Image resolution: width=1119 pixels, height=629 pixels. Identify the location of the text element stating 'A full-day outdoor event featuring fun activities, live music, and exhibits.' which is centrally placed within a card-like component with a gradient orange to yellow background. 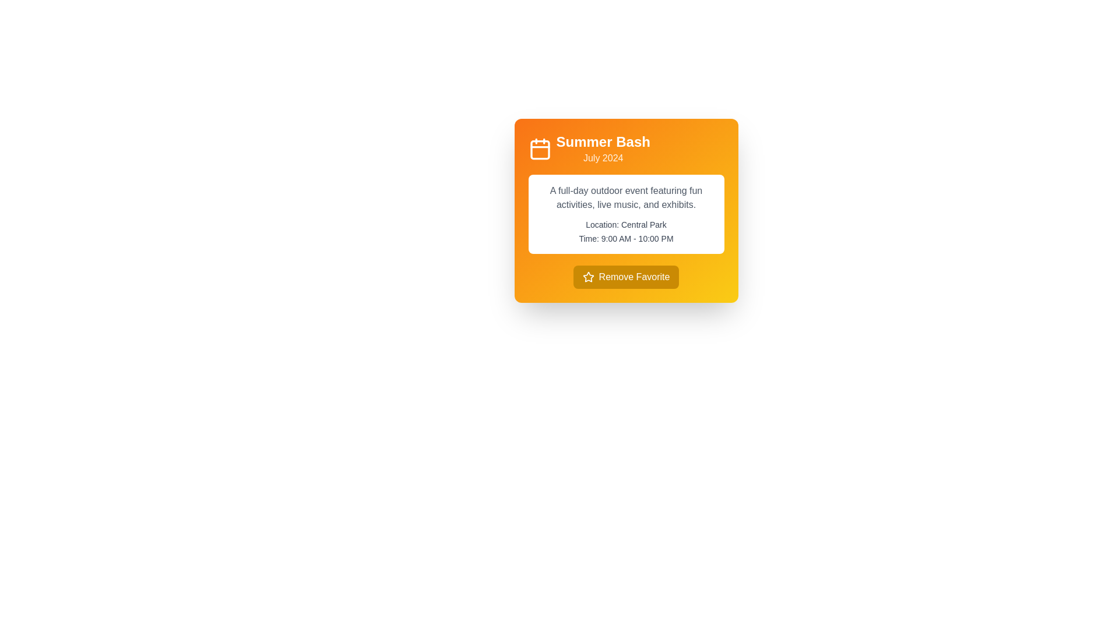
(625, 197).